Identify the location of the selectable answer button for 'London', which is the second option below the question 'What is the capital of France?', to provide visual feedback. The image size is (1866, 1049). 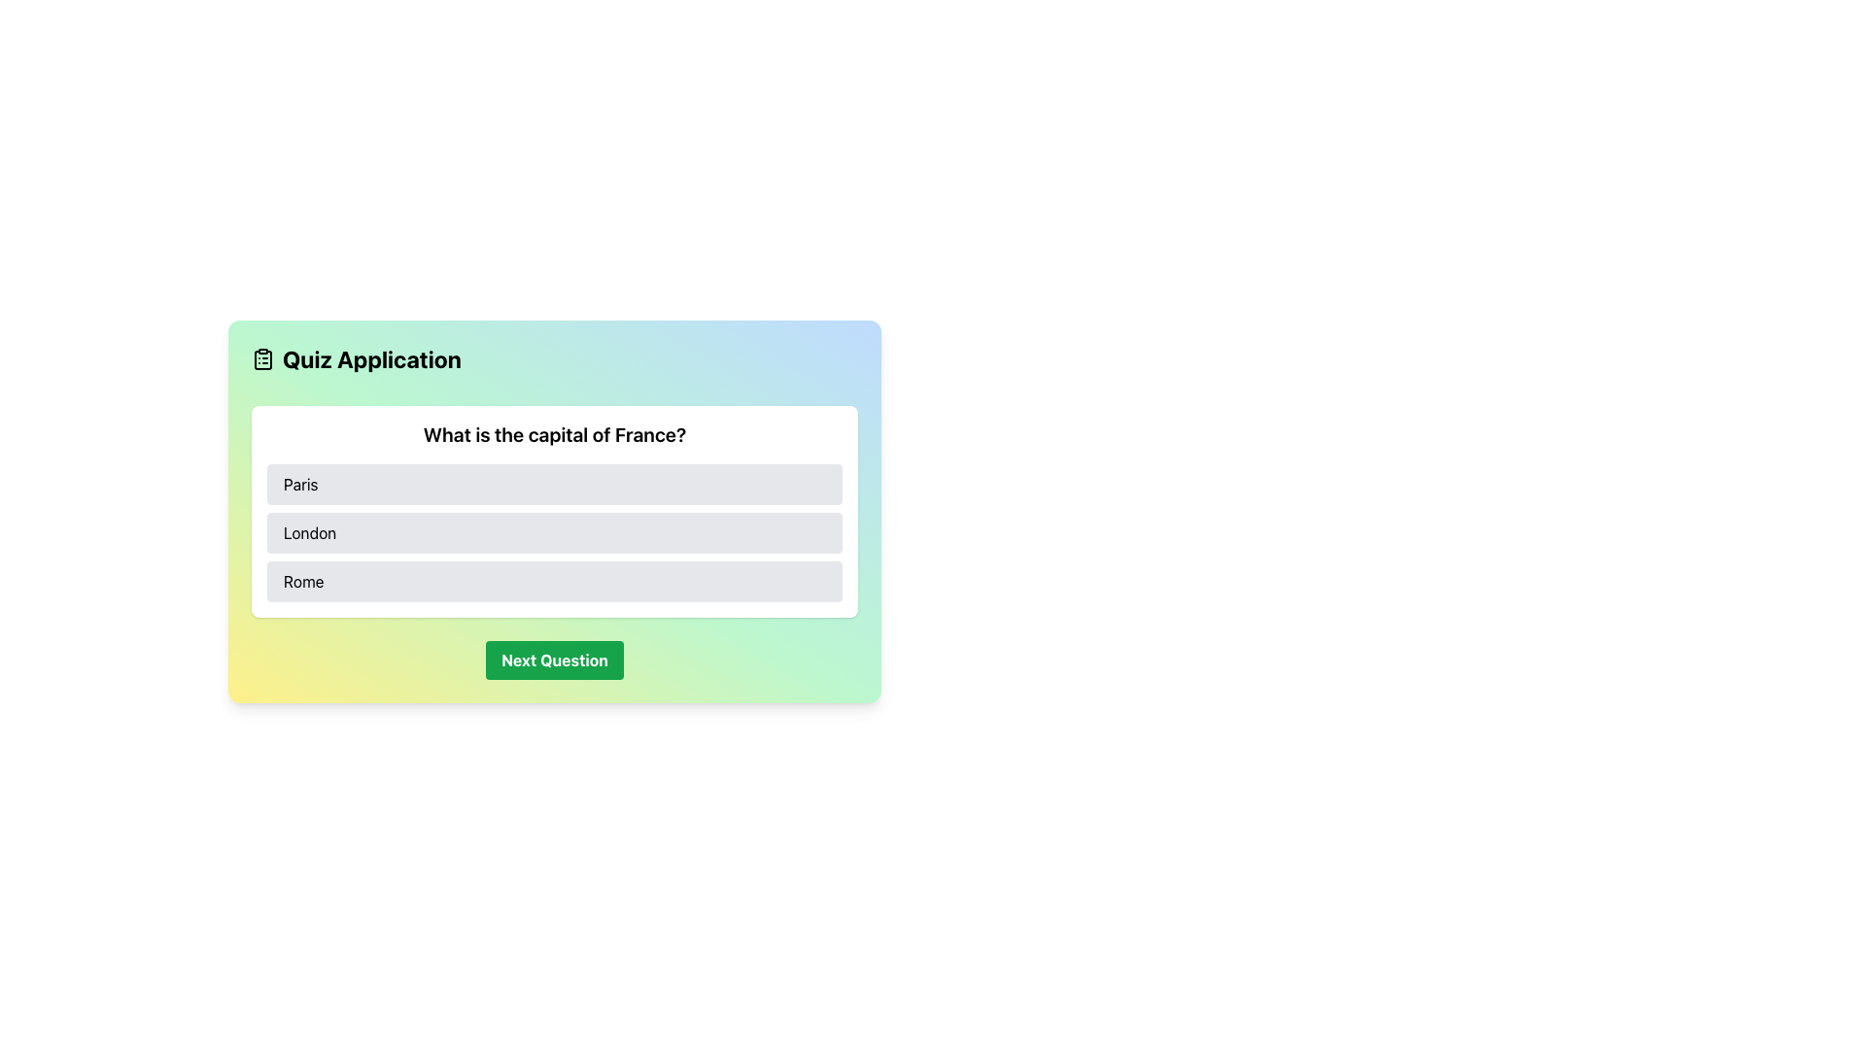
(554, 543).